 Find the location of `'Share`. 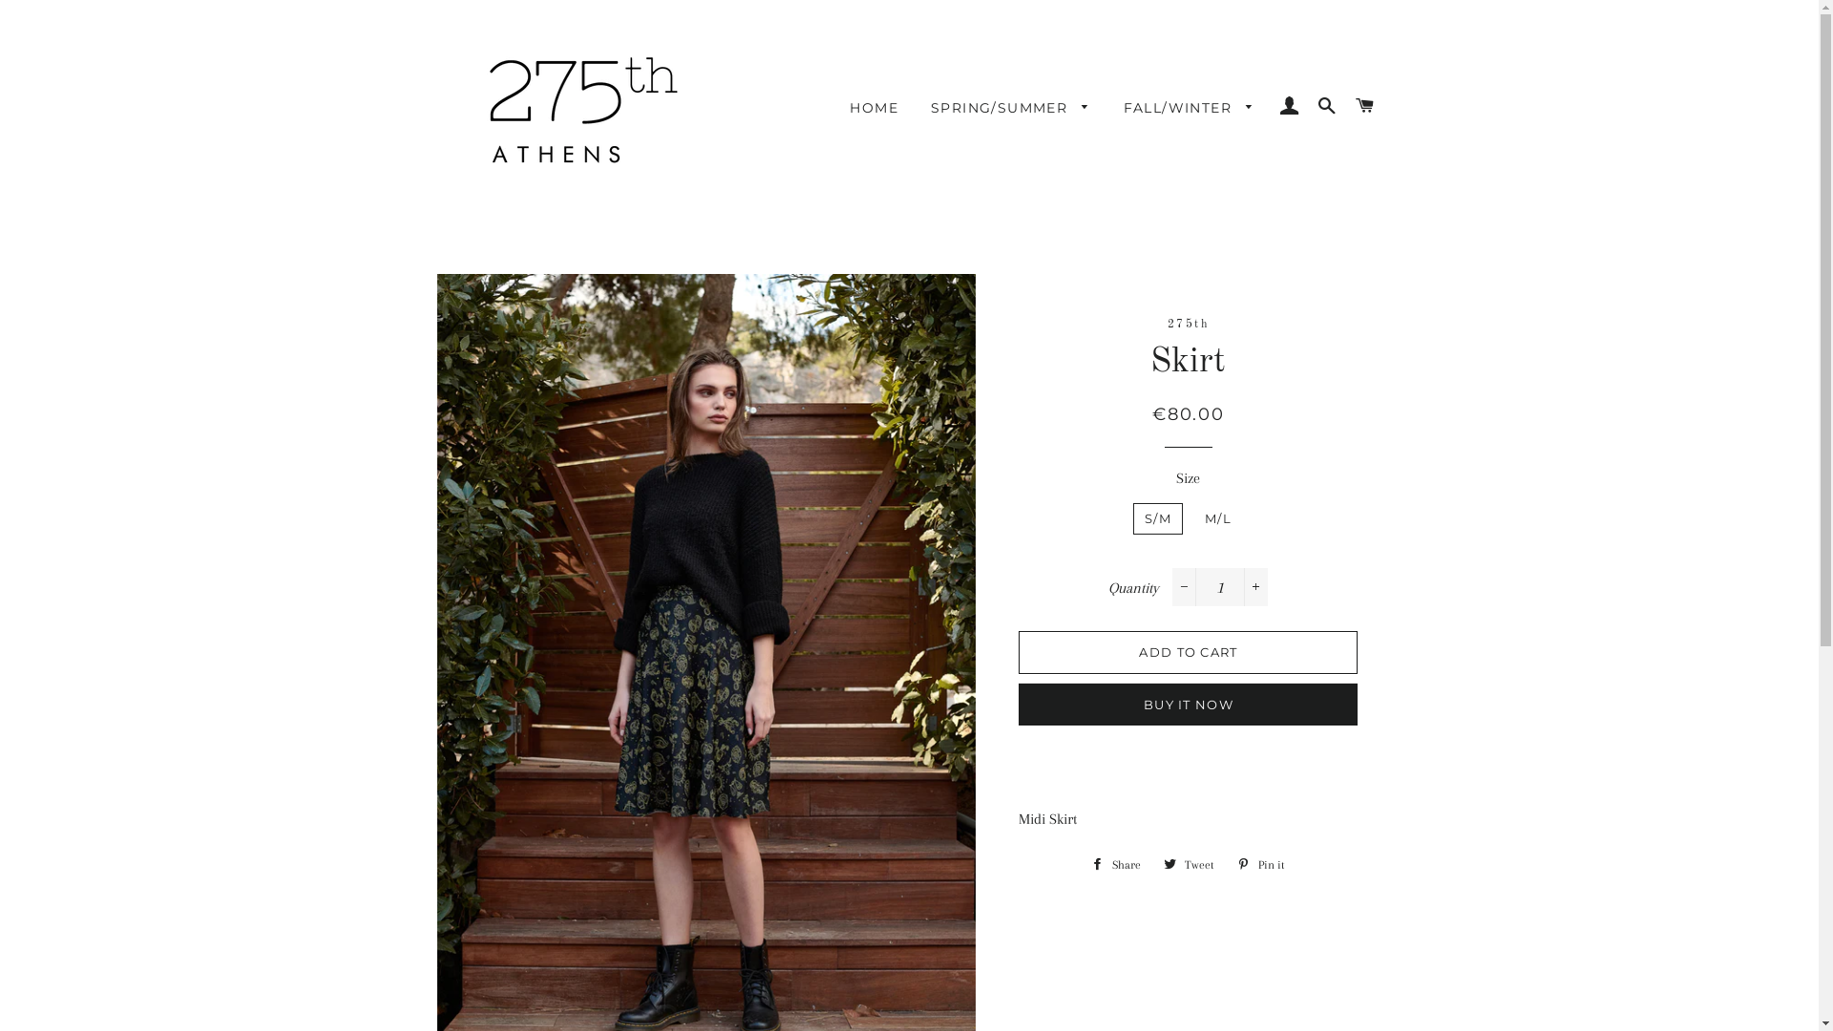

'Share is located at coordinates (1116, 865).